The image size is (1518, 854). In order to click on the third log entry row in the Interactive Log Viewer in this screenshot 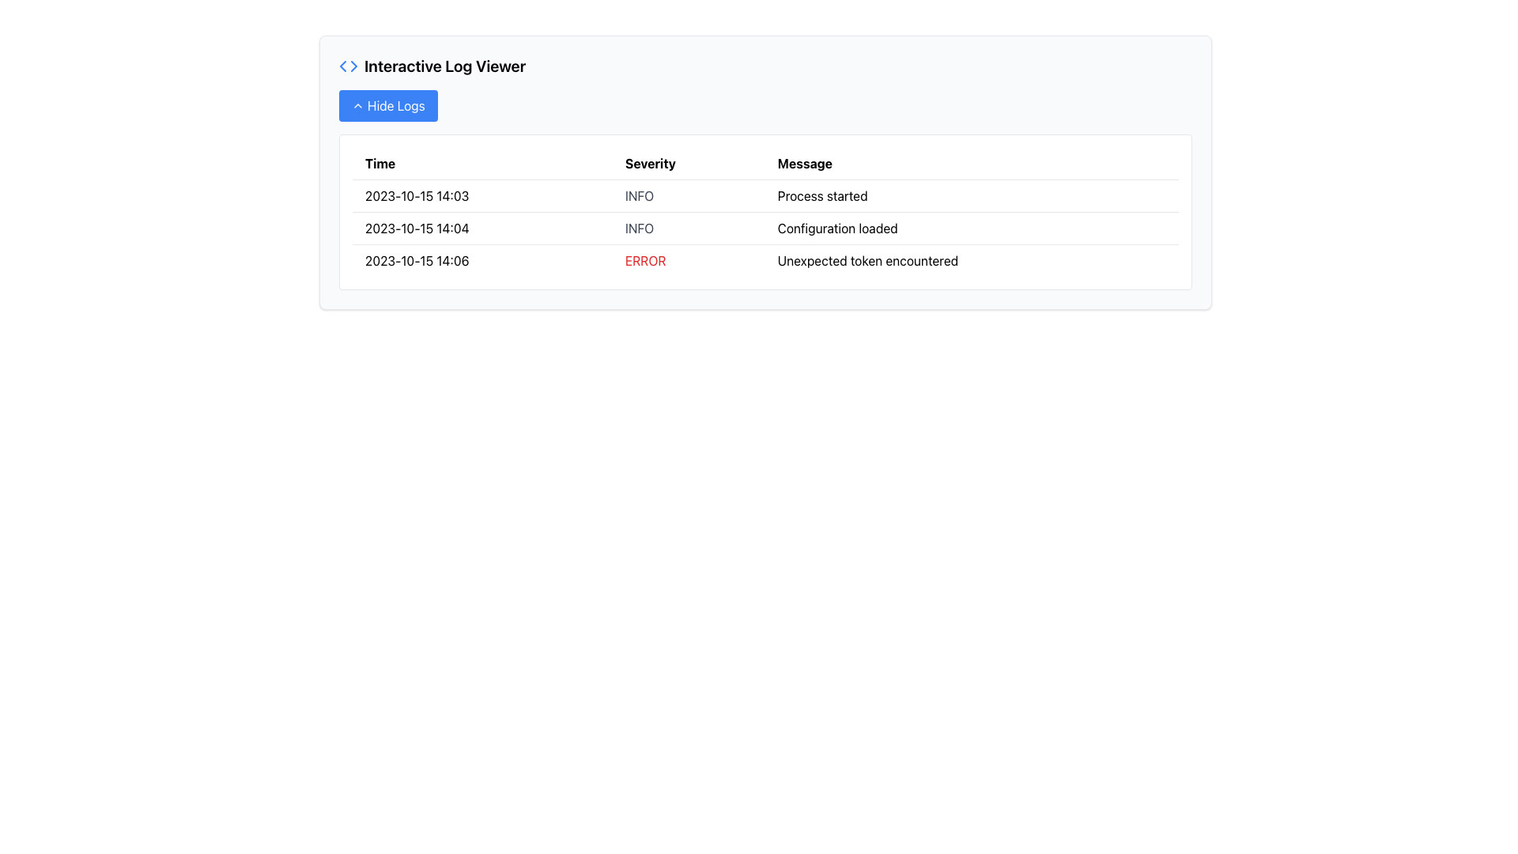, I will do `click(765, 259)`.